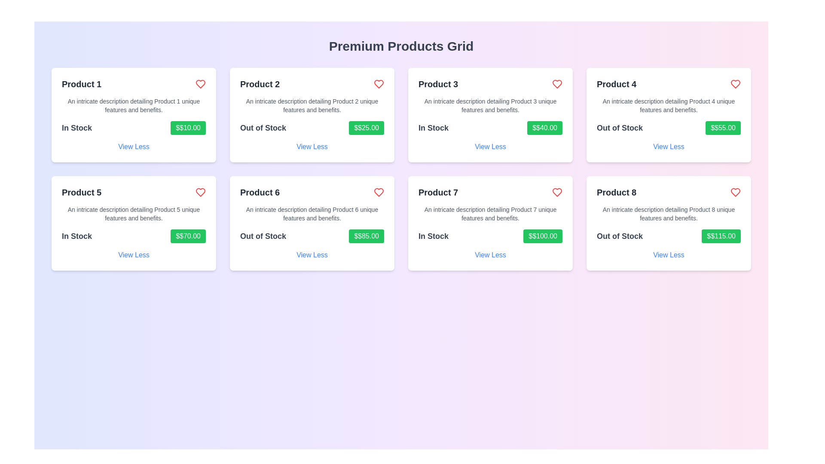 The width and height of the screenshot is (825, 464). I want to click on the green button displaying '$$70.00' located in the 'Product 5' card, under the 'In Stock' label and above the 'View Less' link in the fourth card of the grid, so click(188, 236).